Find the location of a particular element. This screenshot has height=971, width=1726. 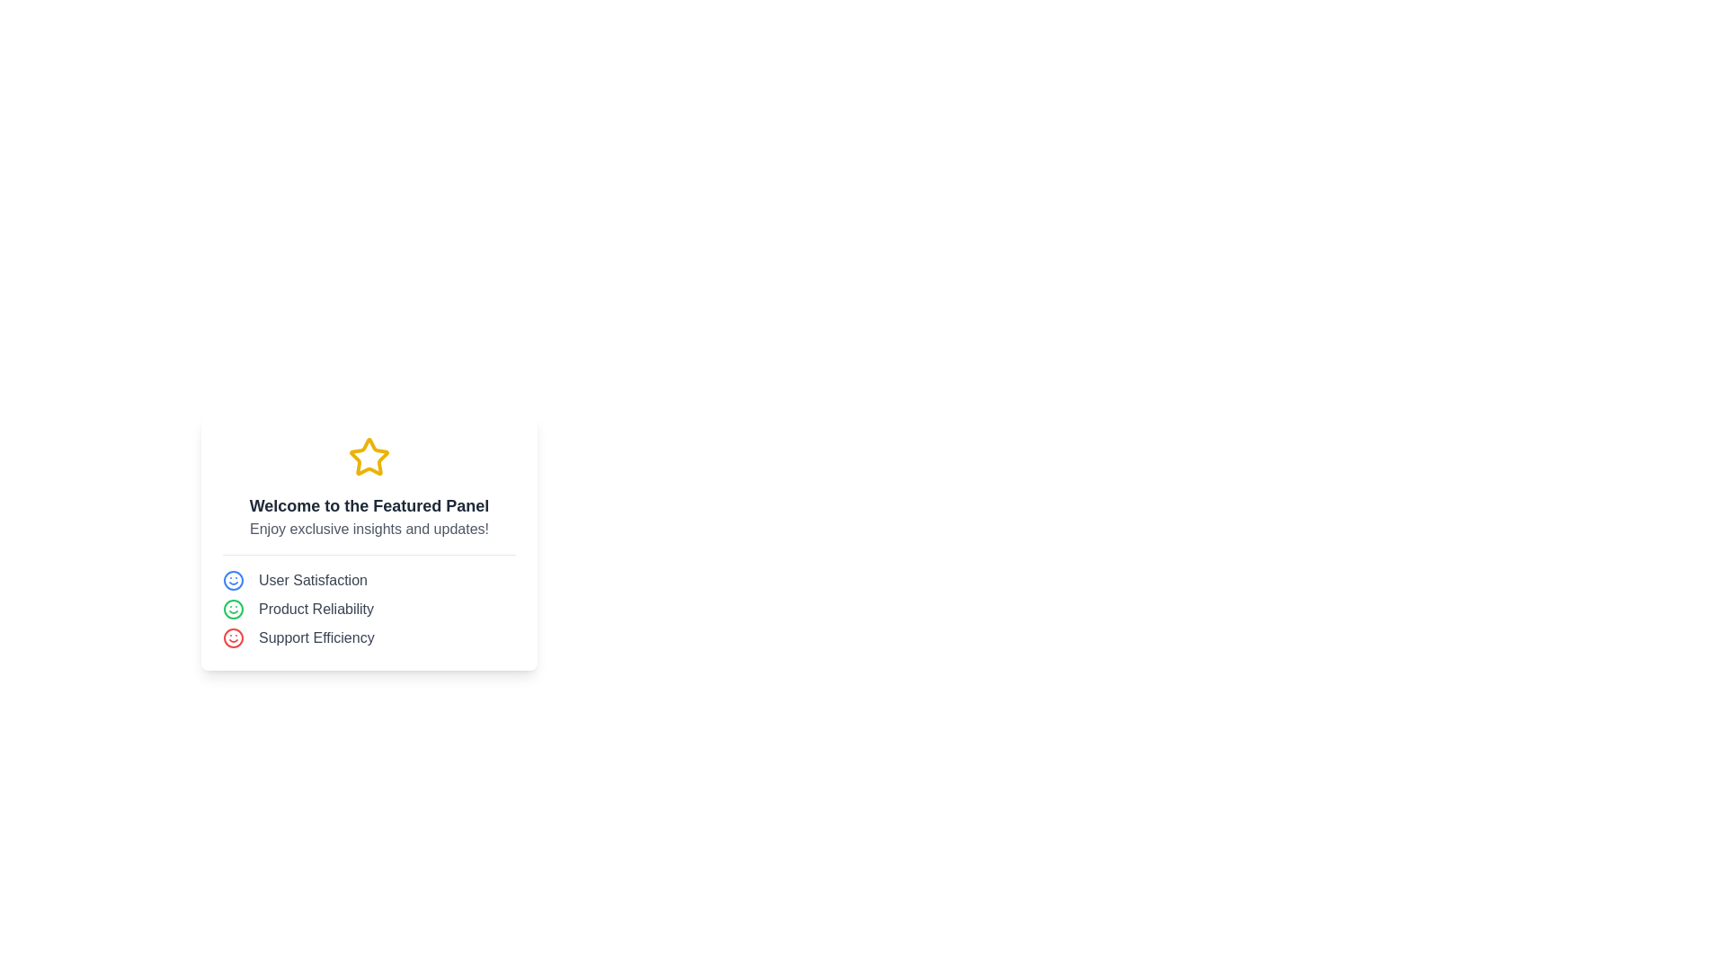

the SVG Circle with a blue outline and no fill color, which is centrally positioned within the smiley face icon group is located at coordinates (232, 580).